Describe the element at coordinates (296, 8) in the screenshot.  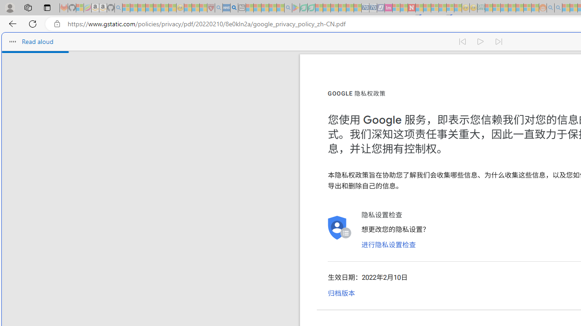
I see `'Bluey: Let'` at that location.